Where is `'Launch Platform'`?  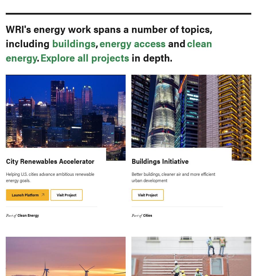 'Launch Platform' is located at coordinates (25, 194).